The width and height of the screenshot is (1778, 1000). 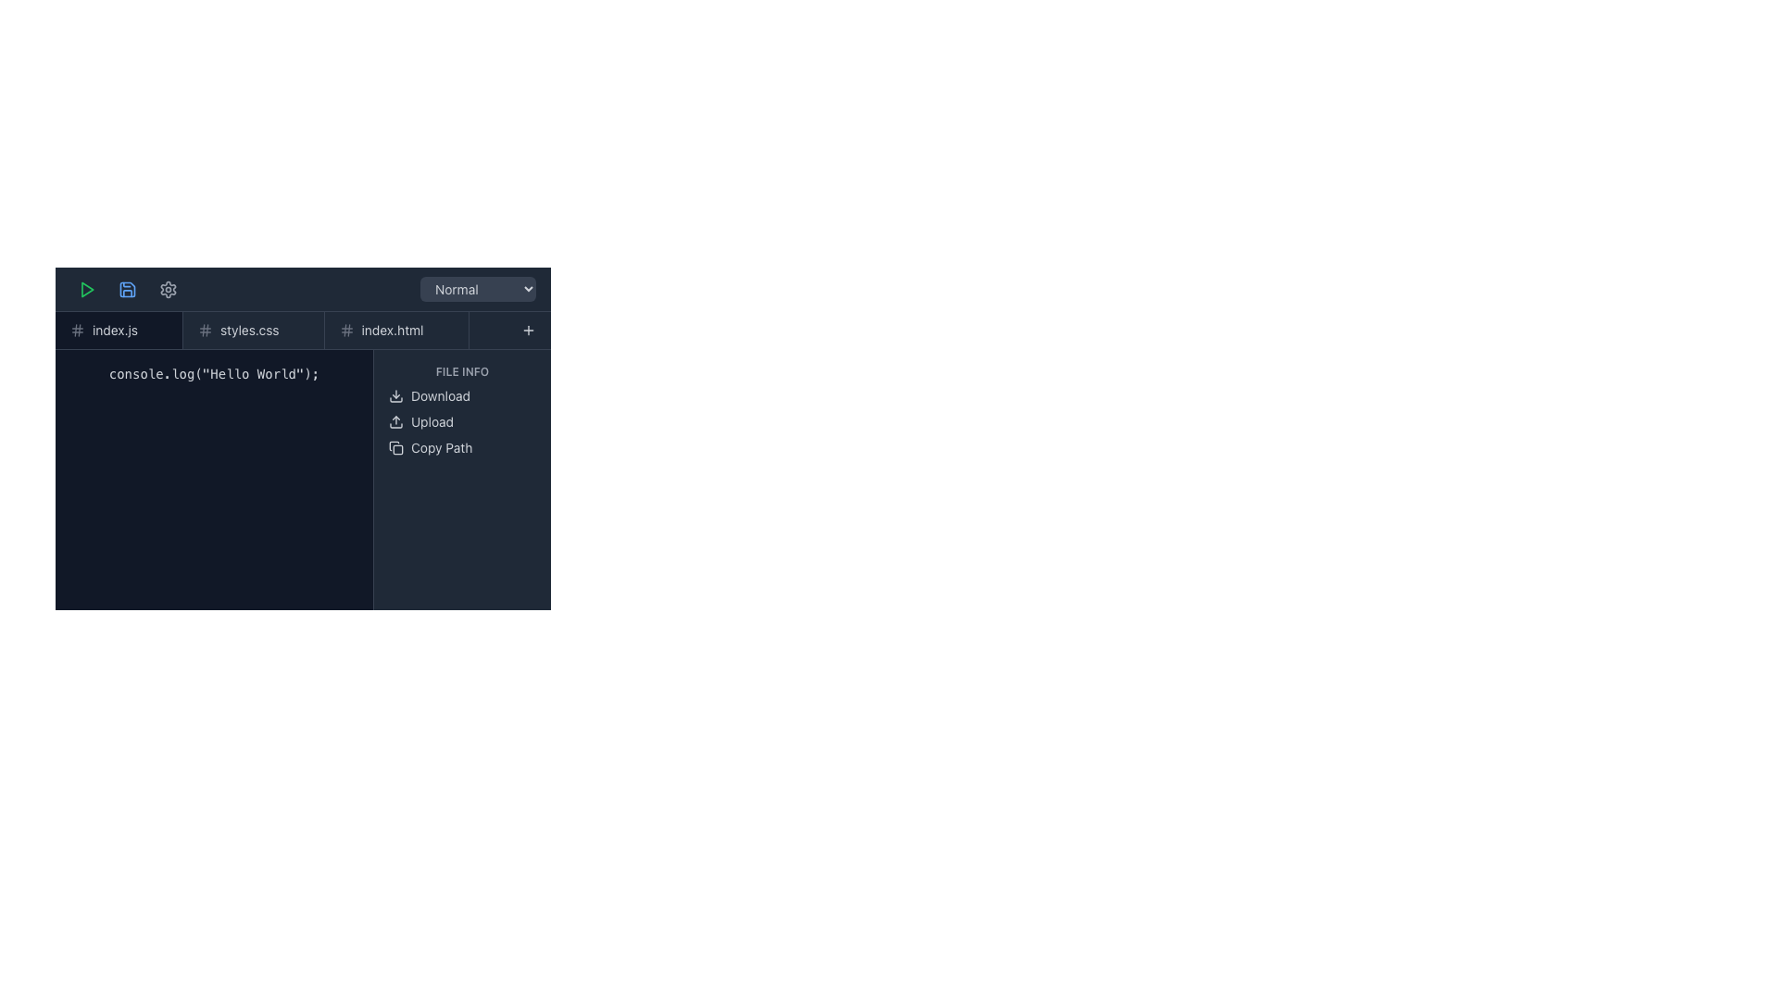 What do you see at coordinates (348, 330) in the screenshot?
I see `fourth vertical line component of the hash symbol icon in the navigation header area` at bounding box center [348, 330].